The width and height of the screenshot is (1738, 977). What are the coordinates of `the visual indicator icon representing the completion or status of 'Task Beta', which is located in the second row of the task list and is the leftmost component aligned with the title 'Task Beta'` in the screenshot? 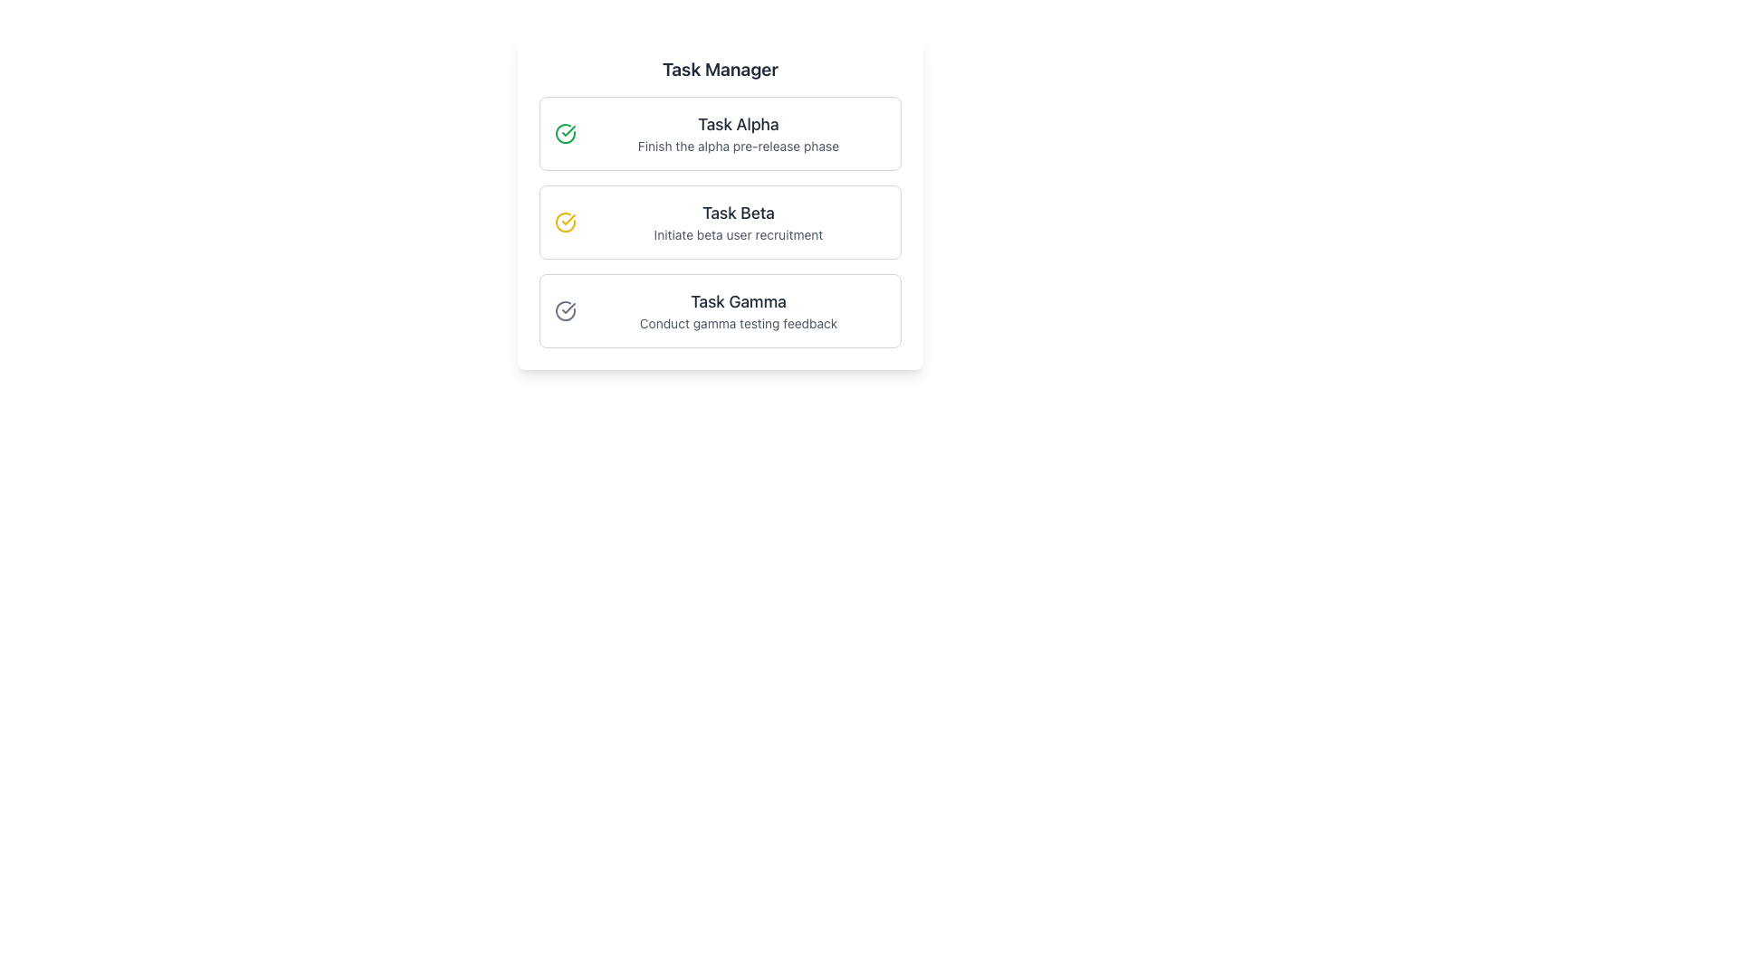 It's located at (564, 222).